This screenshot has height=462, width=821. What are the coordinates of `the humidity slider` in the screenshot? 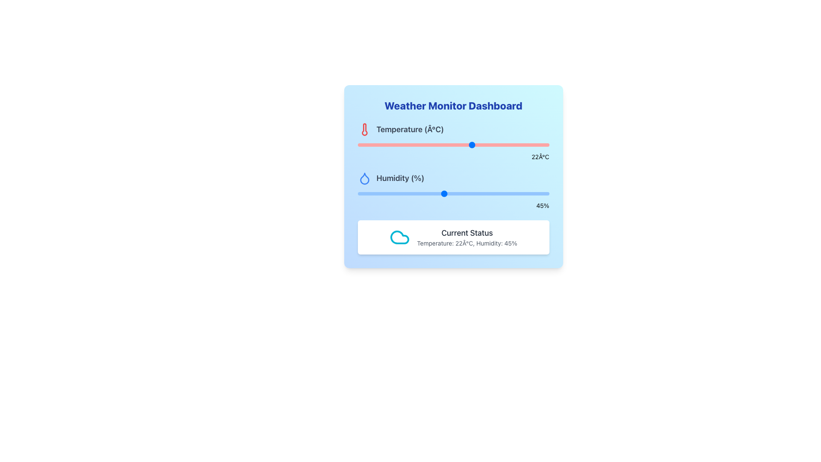 It's located at (392, 193).